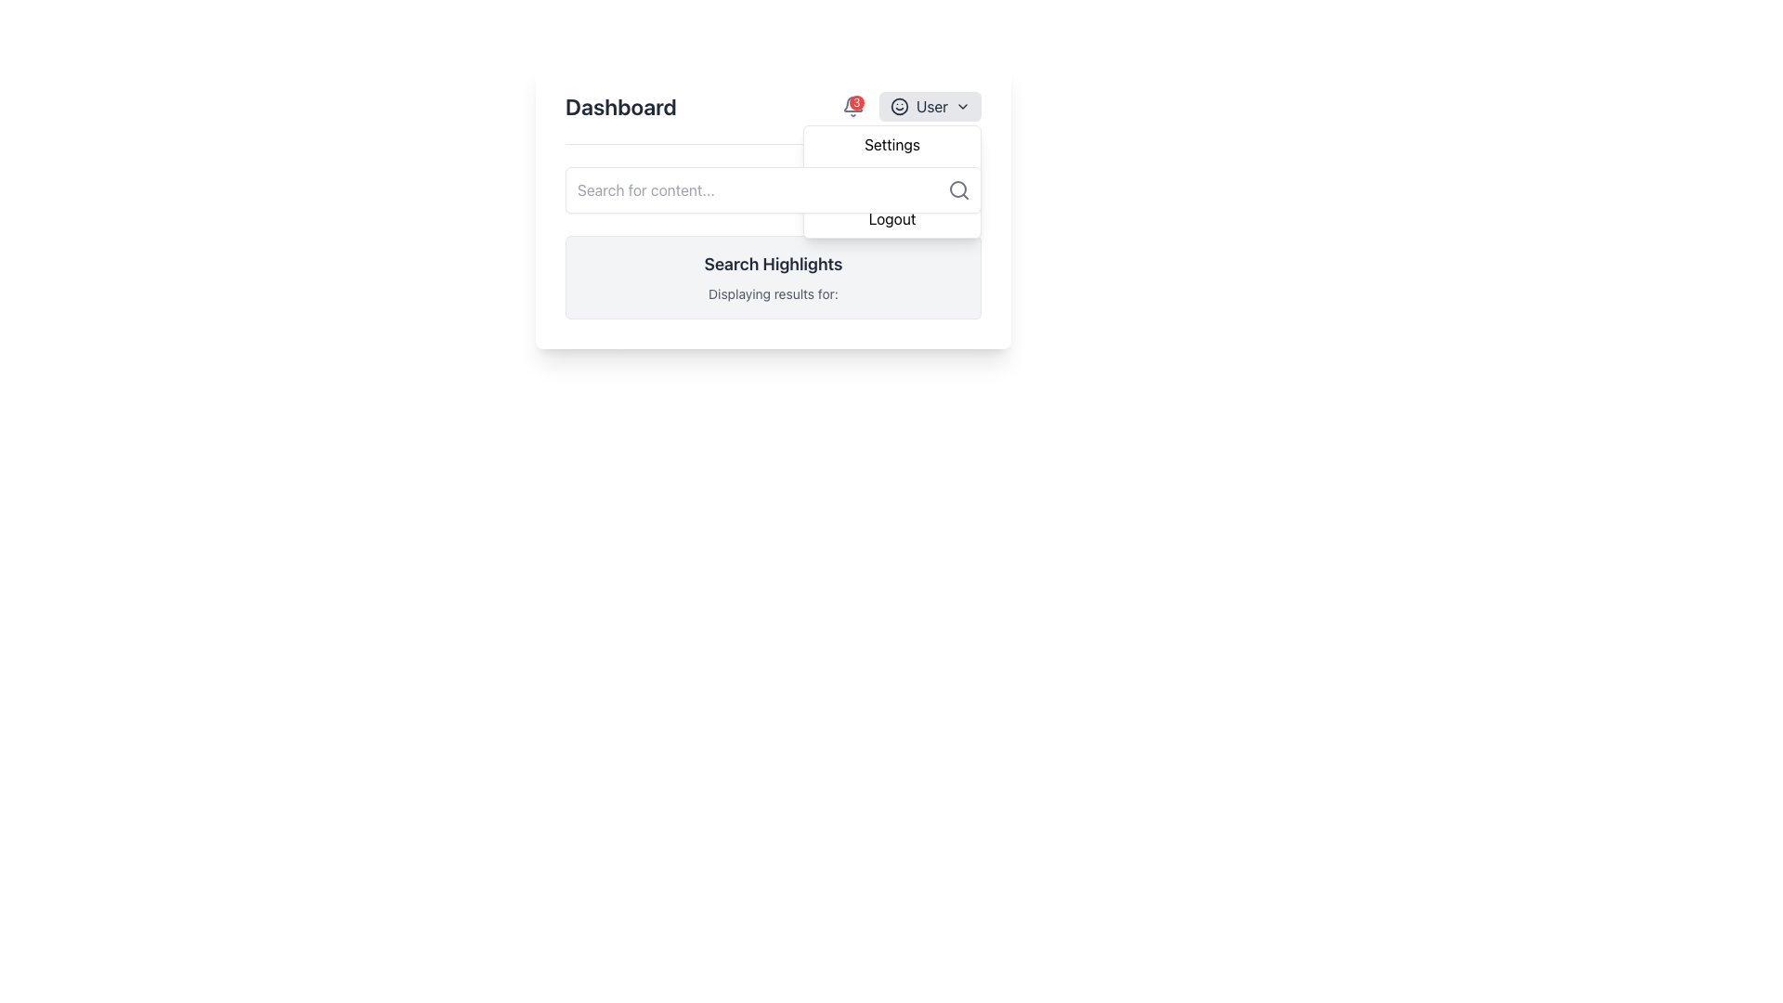 The width and height of the screenshot is (1783, 1003). What do you see at coordinates (774, 118) in the screenshot?
I see `the notification badge located on the top navigational and status bar` at bounding box center [774, 118].